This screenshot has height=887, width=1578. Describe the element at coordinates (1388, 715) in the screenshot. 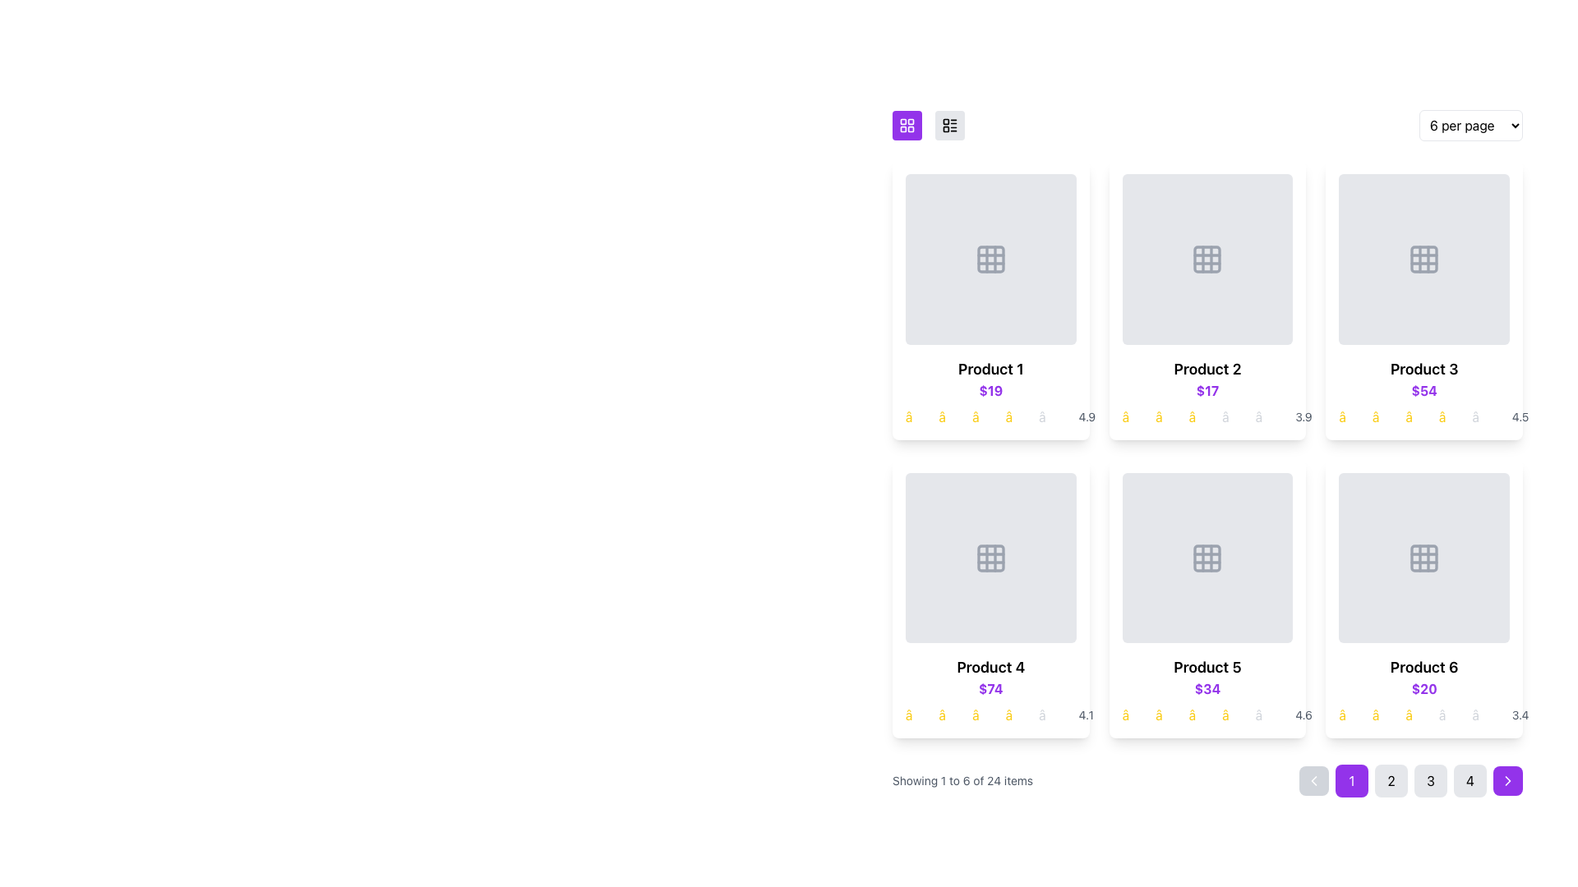

I see `the second star glyph in the five-star rating system displayed under Product 6's card located in the bottom-right corner of the grid layout` at that location.